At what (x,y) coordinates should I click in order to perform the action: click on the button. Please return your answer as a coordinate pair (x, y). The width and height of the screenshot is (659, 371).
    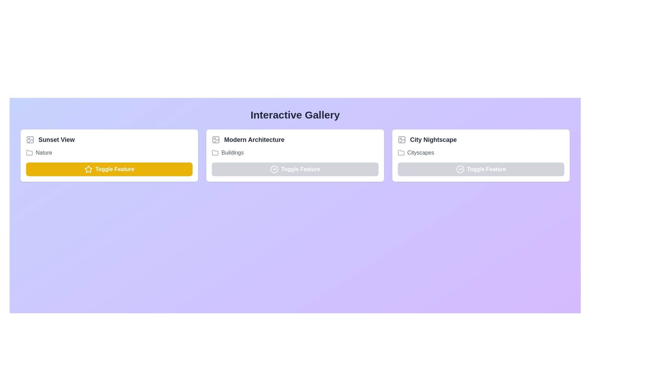
    Looking at the image, I should click on (109, 169).